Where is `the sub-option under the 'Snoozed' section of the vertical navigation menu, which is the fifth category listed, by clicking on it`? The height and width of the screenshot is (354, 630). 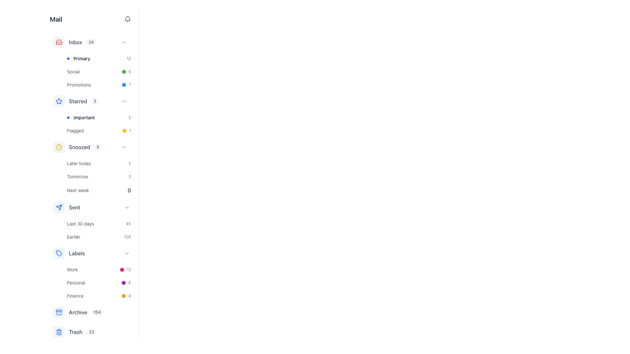 the sub-option under the 'Snoozed' section of the vertical navigation menu, which is the fifth category listed, by clicking on it is located at coordinates (91, 167).